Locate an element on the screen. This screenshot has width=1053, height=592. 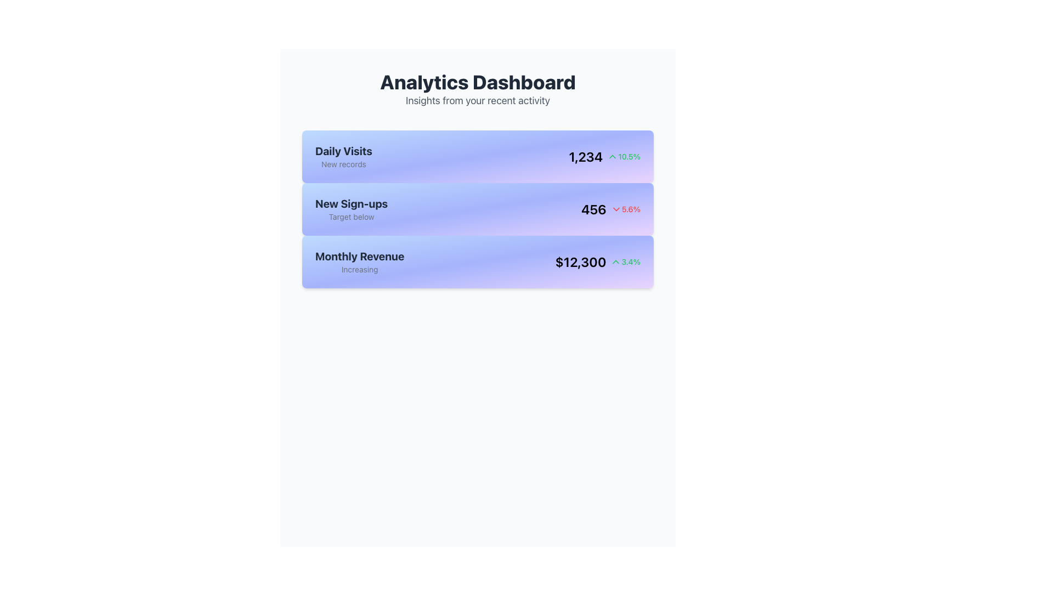
the text label displaying the percentage value '10.5%' located near the top right corner of the first data row in the analytics dashboard is located at coordinates (629, 156).